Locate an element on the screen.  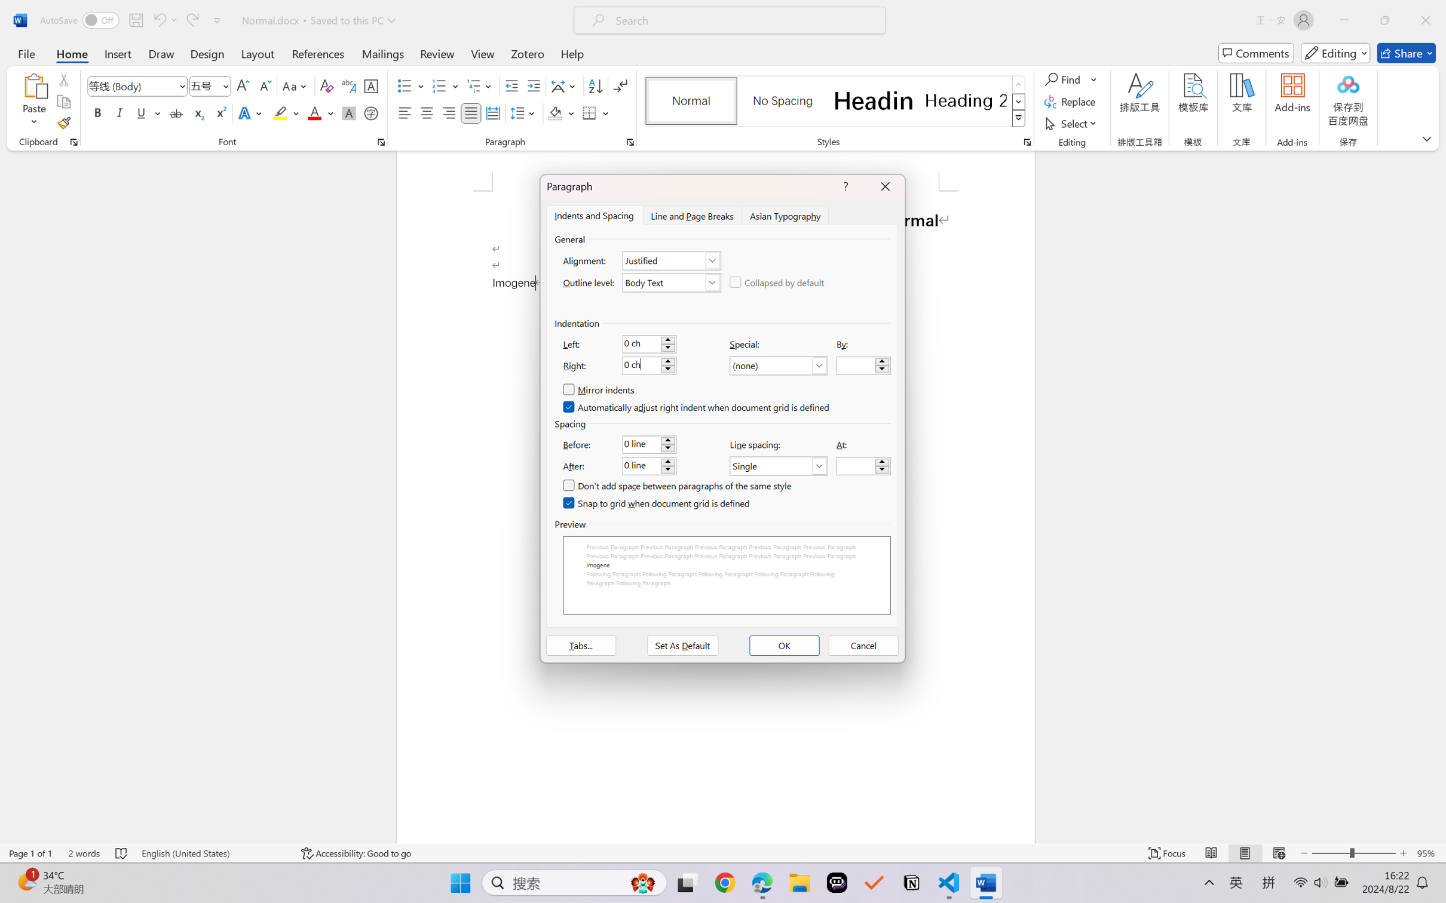
'Character Shading' is located at coordinates (347, 112).